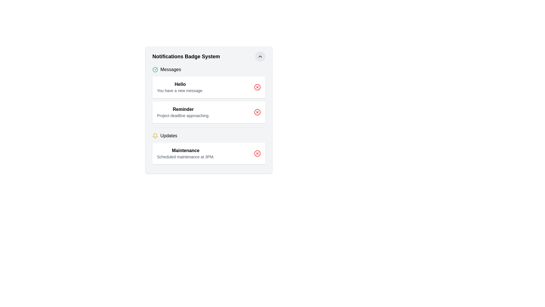  I want to click on the 'Messages' icon located to the left of the 'Messages' label in the notifications panel, which serves as a visual indicator for the 'Messages' section, so click(155, 69).